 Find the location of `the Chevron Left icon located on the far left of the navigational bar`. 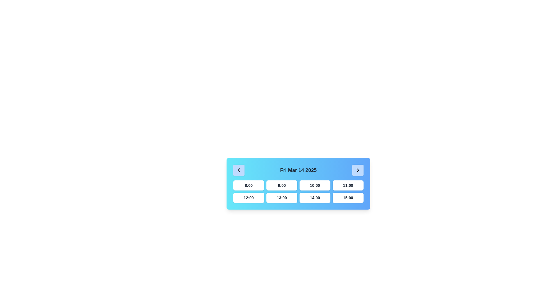

the Chevron Left icon located on the far left of the navigational bar is located at coordinates (239, 170).